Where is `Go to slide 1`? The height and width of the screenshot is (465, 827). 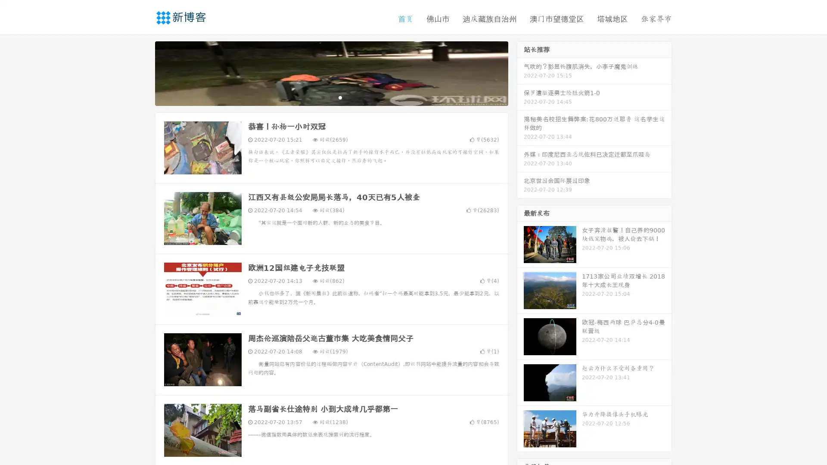 Go to slide 1 is located at coordinates (322, 97).